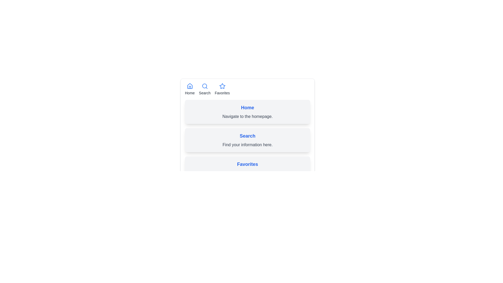 The image size is (503, 283). What do you see at coordinates (247, 140) in the screenshot?
I see `the 'Search' Informational Card, which is a rectangular card with a light gray background and bold blue text labeled 'Search' at the top` at bounding box center [247, 140].